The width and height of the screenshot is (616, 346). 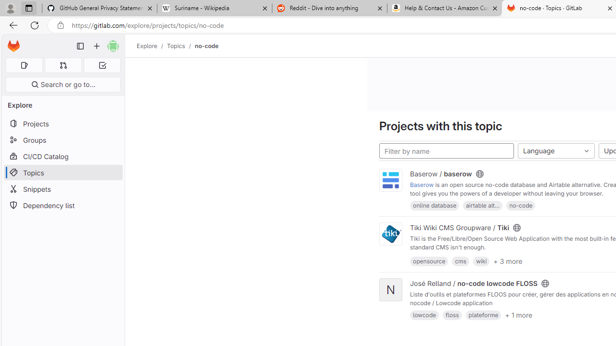 What do you see at coordinates (481, 261) in the screenshot?
I see `'wiki'` at bounding box center [481, 261].